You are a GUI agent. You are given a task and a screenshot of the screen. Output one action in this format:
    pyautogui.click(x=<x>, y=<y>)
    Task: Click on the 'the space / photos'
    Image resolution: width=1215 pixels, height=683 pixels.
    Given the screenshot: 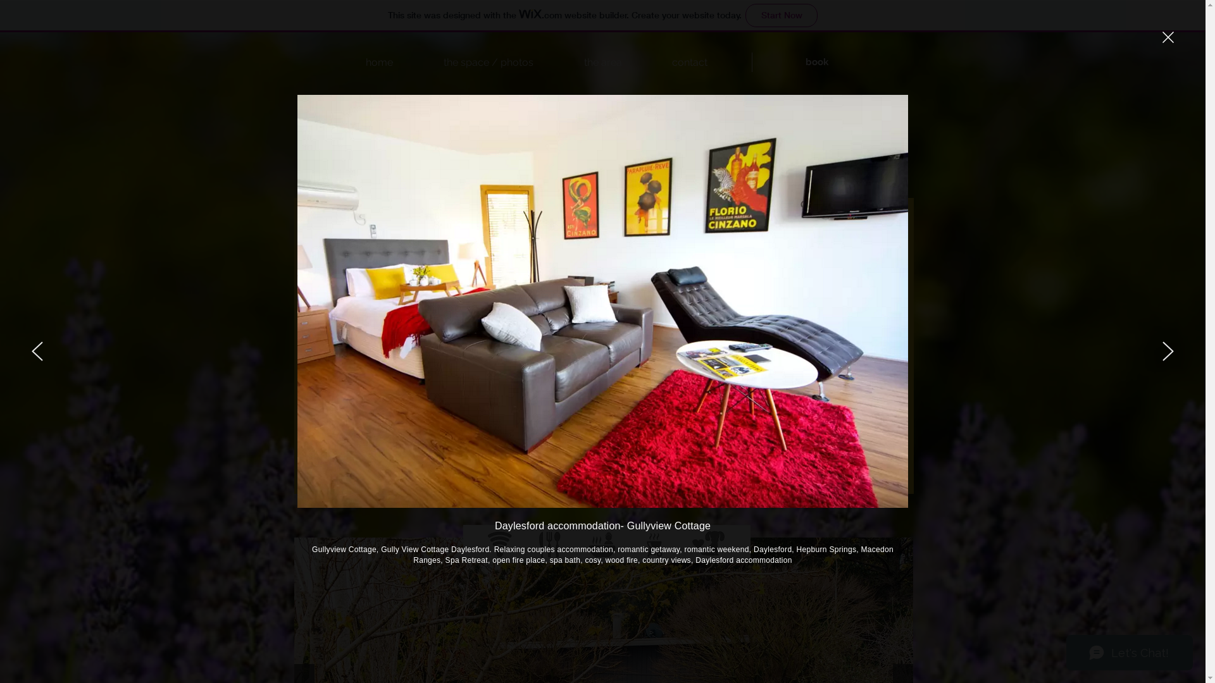 What is the action you would take?
    pyautogui.click(x=472, y=61)
    